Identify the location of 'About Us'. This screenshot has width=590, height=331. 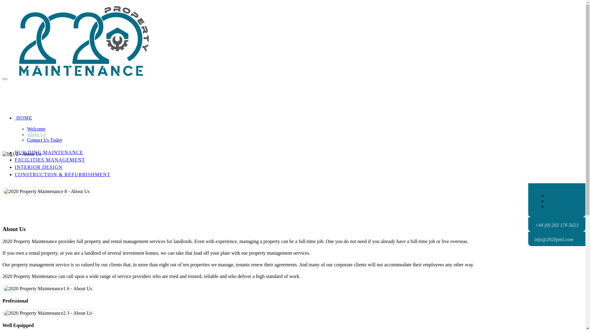
(22, 154).